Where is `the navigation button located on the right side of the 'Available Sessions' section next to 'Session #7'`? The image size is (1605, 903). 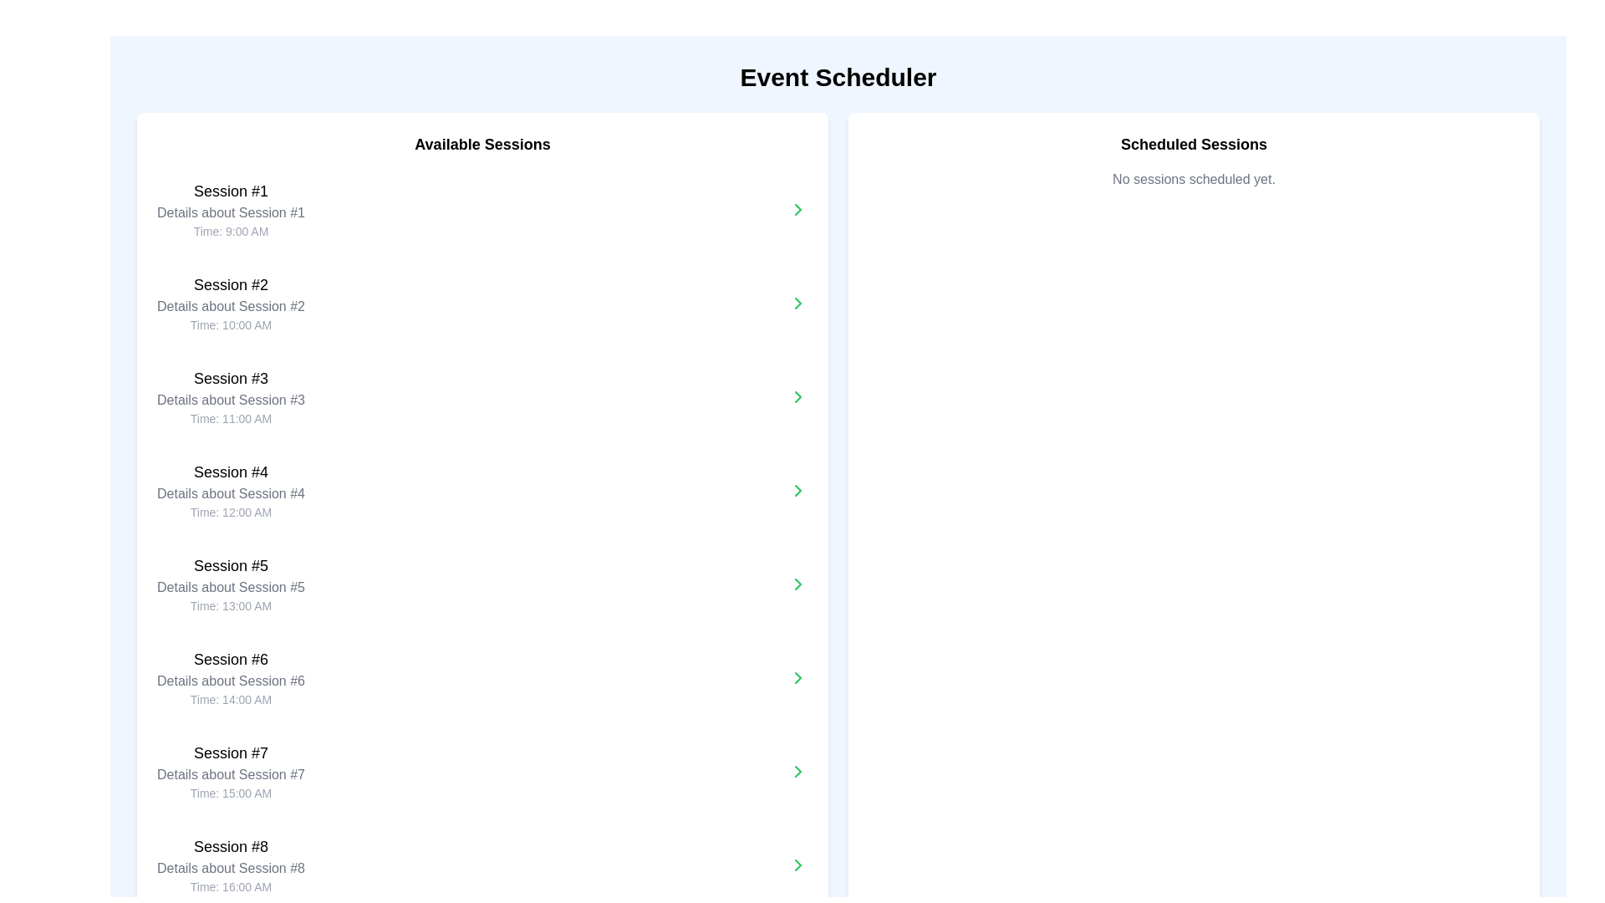
the navigation button located on the right side of the 'Available Sessions' section next to 'Session #7' is located at coordinates (797, 771).